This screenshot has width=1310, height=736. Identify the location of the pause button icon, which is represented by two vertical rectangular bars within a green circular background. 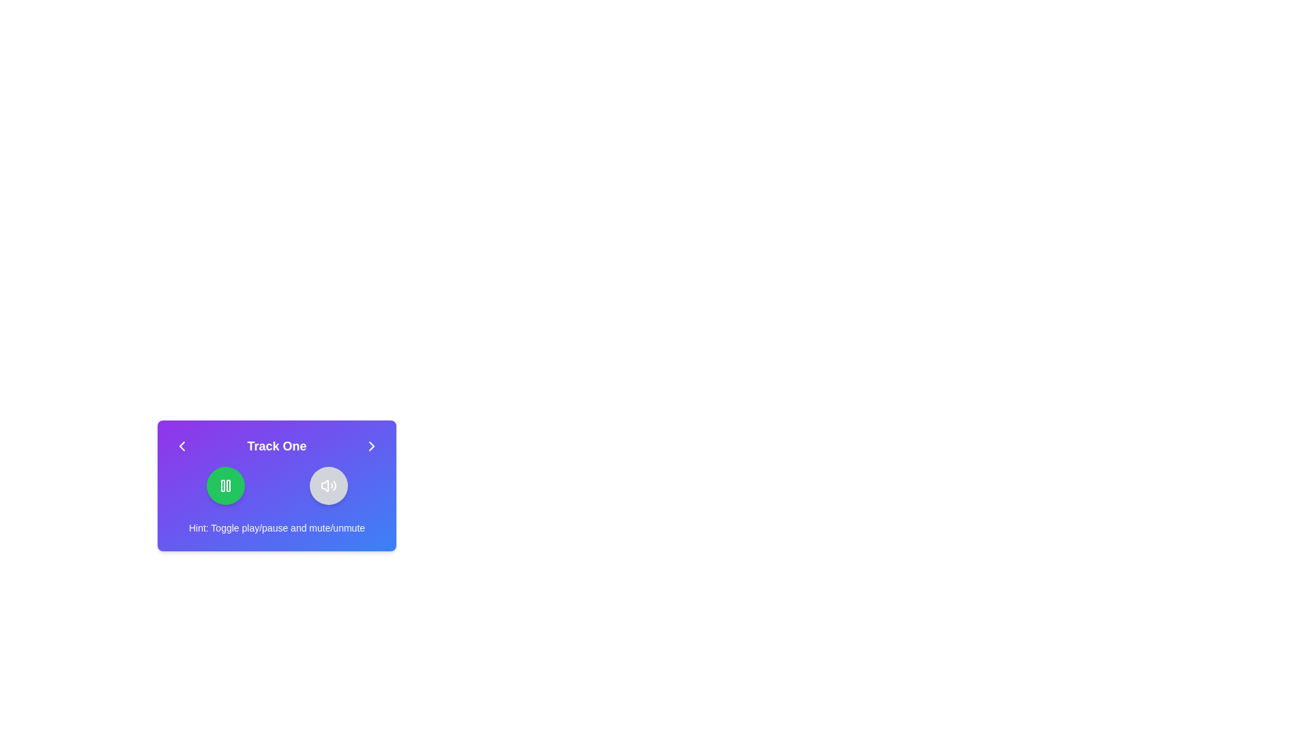
(225, 485).